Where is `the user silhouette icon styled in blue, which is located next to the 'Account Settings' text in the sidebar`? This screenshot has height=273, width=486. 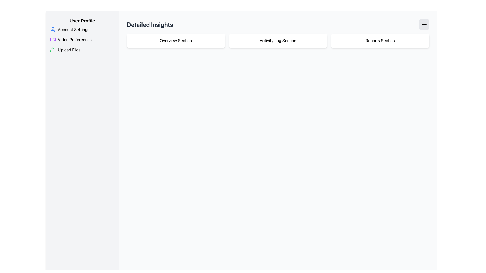
the user silhouette icon styled in blue, which is located next to the 'Account Settings' text in the sidebar is located at coordinates (53, 29).